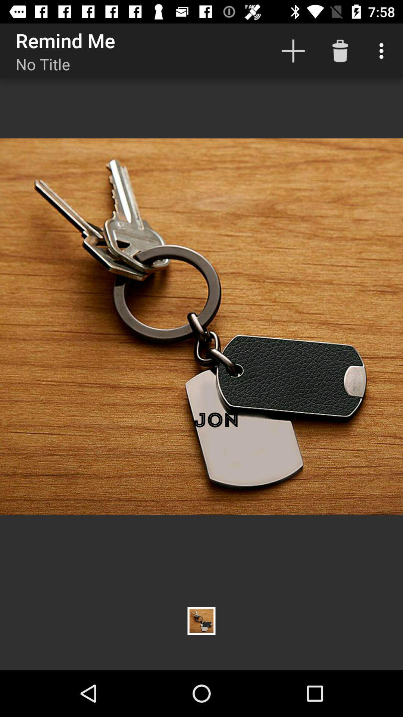  Describe the element at coordinates (293, 50) in the screenshot. I see `app to the right of remind me` at that location.